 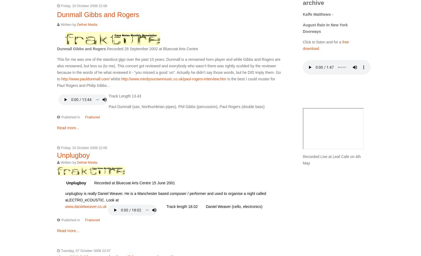 What do you see at coordinates (322, 42) in the screenshot?
I see `'Click to listen and for a'` at bounding box center [322, 42].